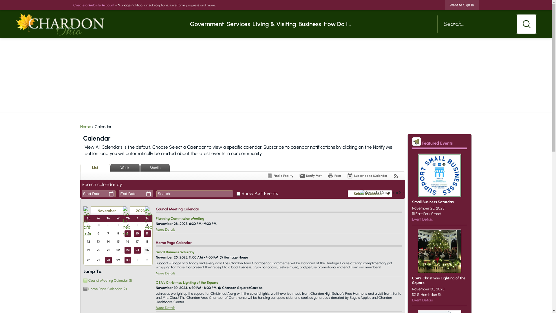 The image size is (556, 313). What do you see at coordinates (238, 24) in the screenshot?
I see `'Services'` at bounding box center [238, 24].